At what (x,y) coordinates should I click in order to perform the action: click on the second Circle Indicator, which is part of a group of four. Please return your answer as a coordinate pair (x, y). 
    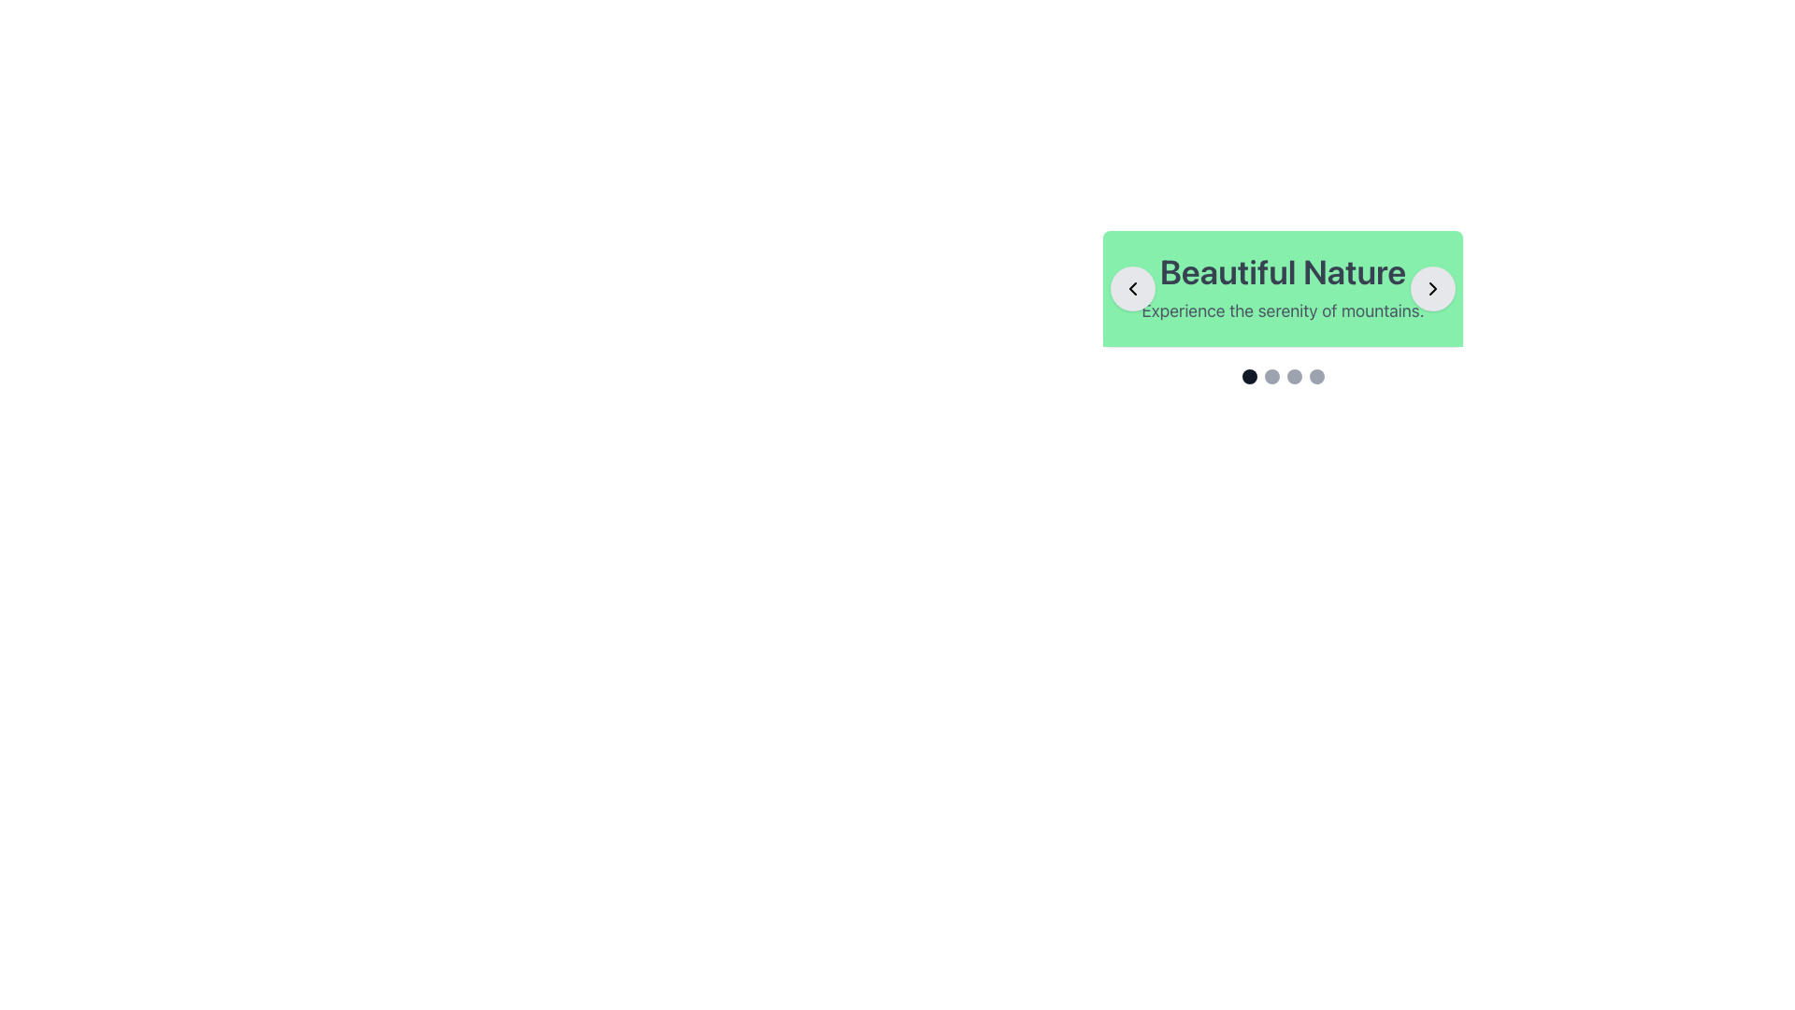
    Looking at the image, I should click on (1271, 376).